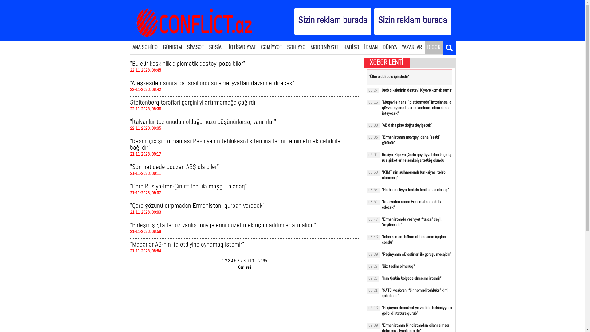 Image resolution: width=590 pixels, height=332 pixels. What do you see at coordinates (252, 261) in the screenshot?
I see `'10'` at bounding box center [252, 261].